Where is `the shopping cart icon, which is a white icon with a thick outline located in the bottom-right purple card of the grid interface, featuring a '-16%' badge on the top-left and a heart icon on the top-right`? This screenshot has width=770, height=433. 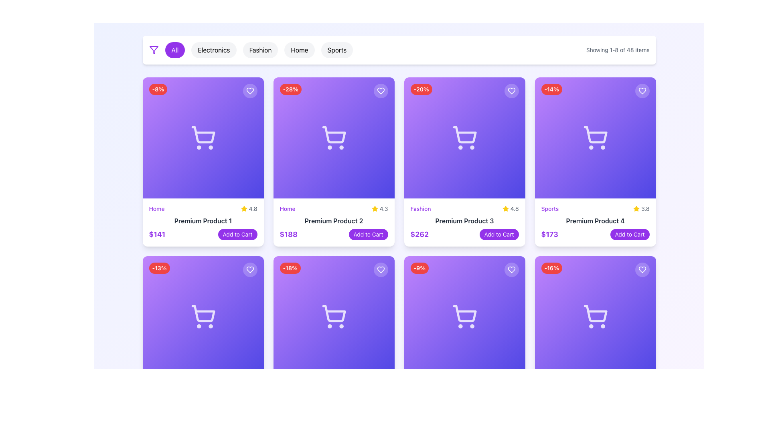
the shopping cart icon, which is a white icon with a thick outline located in the bottom-right purple card of the grid interface, featuring a '-16%' badge on the top-left and a heart icon on the top-right is located at coordinates (595, 316).